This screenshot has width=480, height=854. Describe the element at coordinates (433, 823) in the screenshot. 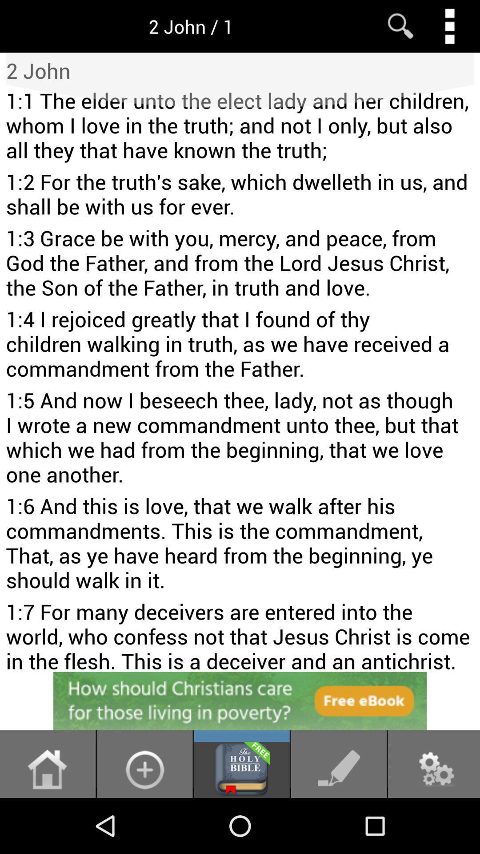

I see `the settings icon` at that location.